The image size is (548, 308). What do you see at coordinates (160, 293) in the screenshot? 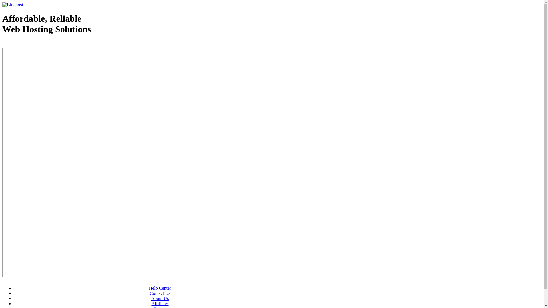
I see `'Contact Us'` at bounding box center [160, 293].